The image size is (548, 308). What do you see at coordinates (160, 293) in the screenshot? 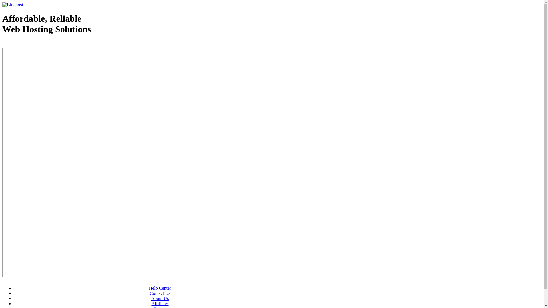
I see `'Contact Us'` at bounding box center [160, 293].